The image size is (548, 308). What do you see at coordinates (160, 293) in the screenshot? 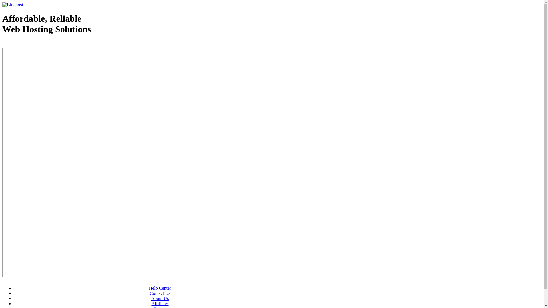
I see `'Contact Us'` at bounding box center [160, 293].